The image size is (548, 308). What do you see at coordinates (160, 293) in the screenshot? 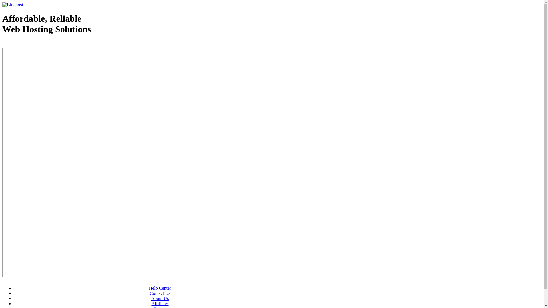
I see `'Contact Us'` at bounding box center [160, 293].